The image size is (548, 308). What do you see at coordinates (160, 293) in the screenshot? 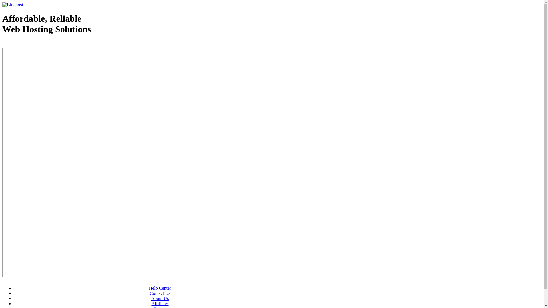
I see `'Contact Us'` at bounding box center [160, 293].